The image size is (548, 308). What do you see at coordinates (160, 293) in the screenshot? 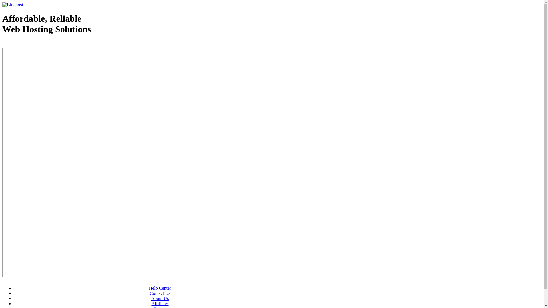
I see `'Contact Us'` at bounding box center [160, 293].